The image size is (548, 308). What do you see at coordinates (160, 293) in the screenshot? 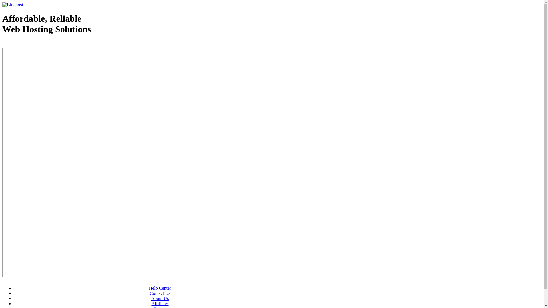
I see `'Contact Us'` at bounding box center [160, 293].